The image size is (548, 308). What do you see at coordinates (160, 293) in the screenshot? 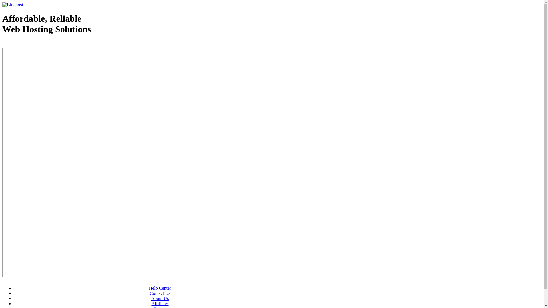
I see `'Contact Us'` at bounding box center [160, 293].